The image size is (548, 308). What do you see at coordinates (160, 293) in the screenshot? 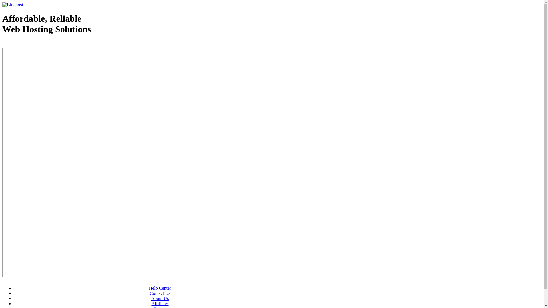
I see `'Contact Us'` at bounding box center [160, 293].